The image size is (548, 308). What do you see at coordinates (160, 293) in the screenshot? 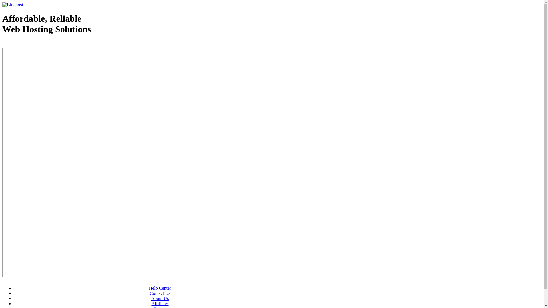
I see `'Contact Us'` at bounding box center [160, 293].